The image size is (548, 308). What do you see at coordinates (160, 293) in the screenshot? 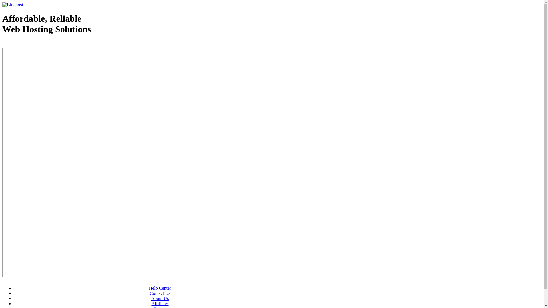
I see `'Contact Us'` at bounding box center [160, 293].